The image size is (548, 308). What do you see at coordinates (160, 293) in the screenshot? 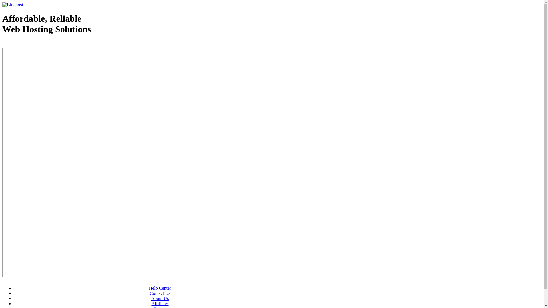
I see `'Contact Us'` at bounding box center [160, 293].